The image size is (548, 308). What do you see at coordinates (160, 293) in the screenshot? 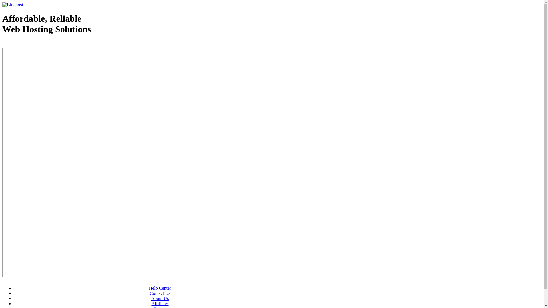
I see `'Contact Us'` at bounding box center [160, 293].